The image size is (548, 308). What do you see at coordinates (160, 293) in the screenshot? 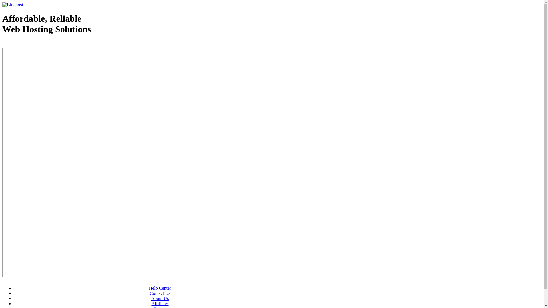
I see `'Contact Us'` at bounding box center [160, 293].